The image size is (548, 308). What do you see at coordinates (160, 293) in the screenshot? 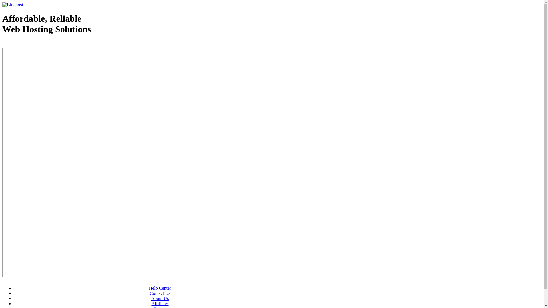
I see `'Contact Us'` at bounding box center [160, 293].